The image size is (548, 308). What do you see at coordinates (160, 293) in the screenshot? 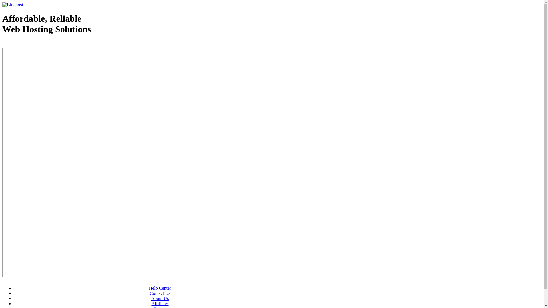
I see `'Contact Us'` at bounding box center [160, 293].